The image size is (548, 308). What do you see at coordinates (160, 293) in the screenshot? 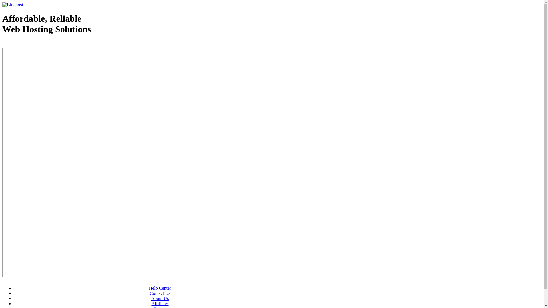
I see `'Contact Us'` at bounding box center [160, 293].